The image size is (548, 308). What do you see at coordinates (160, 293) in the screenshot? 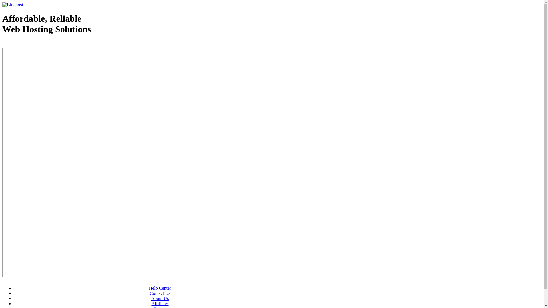
I see `'Contact Us'` at bounding box center [160, 293].